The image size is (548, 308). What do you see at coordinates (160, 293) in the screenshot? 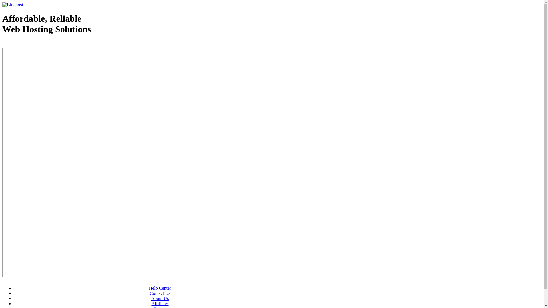
I see `'Contact Us'` at bounding box center [160, 293].